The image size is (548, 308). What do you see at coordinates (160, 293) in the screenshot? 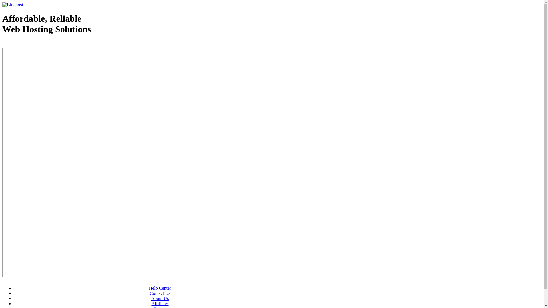
I see `'Contact Us'` at bounding box center [160, 293].